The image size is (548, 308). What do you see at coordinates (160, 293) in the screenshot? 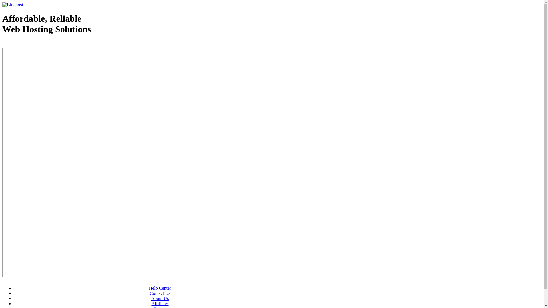
I see `'Contact Us'` at bounding box center [160, 293].